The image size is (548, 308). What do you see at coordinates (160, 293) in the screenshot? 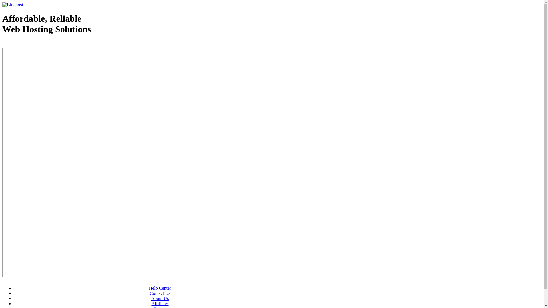
I see `'Contact Us'` at bounding box center [160, 293].